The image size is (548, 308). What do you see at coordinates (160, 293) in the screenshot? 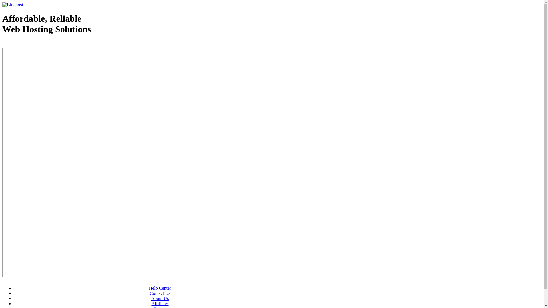
I see `'Contact Us'` at bounding box center [160, 293].